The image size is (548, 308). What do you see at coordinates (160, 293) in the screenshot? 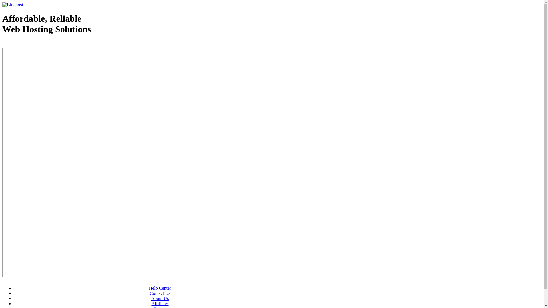
I see `'Contact Us'` at bounding box center [160, 293].